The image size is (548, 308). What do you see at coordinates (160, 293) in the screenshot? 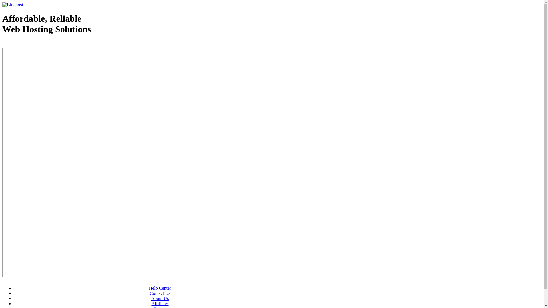
I see `'Contact Us'` at bounding box center [160, 293].